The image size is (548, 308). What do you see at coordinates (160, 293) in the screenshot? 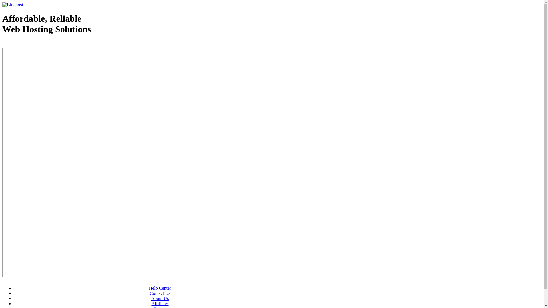
I see `'Contact Us'` at bounding box center [160, 293].